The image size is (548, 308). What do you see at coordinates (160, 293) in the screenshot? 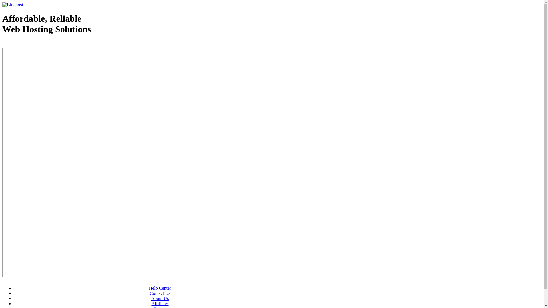
I see `'Contact Us'` at bounding box center [160, 293].